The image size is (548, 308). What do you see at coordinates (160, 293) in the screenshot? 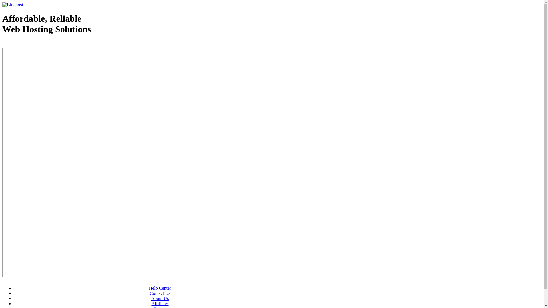
I see `'Contact Us'` at bounding box center [160, 293].